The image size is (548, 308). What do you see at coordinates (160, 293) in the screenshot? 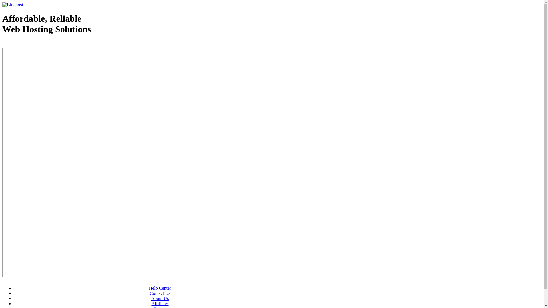
I see `'Contact Us'` at bounding box center [160, 293].